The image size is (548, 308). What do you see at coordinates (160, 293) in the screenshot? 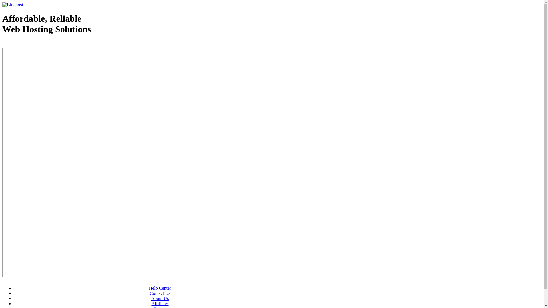
I see `'Contact Us'` at bounding box center [160, 293].